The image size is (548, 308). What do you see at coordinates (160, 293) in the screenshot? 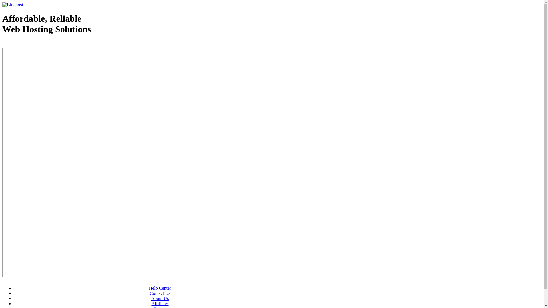
I see `'Contact Us'` at bounding box center [160, 293].